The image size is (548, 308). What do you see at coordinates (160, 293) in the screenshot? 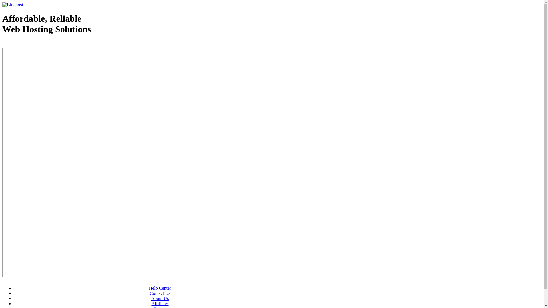
I see `'Contact Us'` at bounding box center [160, 293].